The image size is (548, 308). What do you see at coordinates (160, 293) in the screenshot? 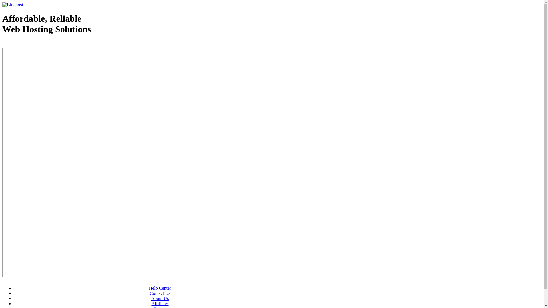
I see `'Contact Us'` at bounding box center [160, 293].